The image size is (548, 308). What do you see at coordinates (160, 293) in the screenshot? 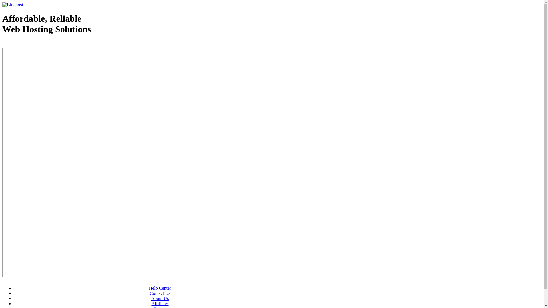
I see `'Contact Us'` at bounding box center [160, 293].